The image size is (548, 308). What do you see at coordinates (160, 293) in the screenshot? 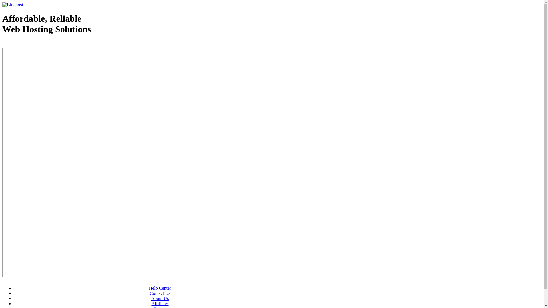
I see `'Contact Us'` at bounding box center [160, 293].